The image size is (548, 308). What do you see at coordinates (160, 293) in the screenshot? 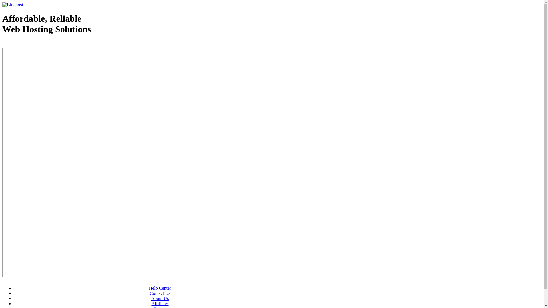
I see `'Contact Us'` at bounding box center [160, 293].